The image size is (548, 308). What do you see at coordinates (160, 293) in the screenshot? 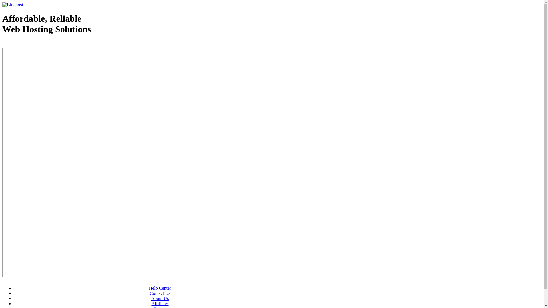
I see `'Contact Us'` at bounding box center [160, 293].